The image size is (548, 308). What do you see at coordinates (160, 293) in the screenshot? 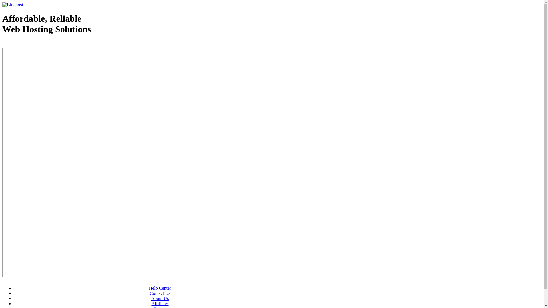
I see `'Contact Us'` at bounding box center [160, 293].